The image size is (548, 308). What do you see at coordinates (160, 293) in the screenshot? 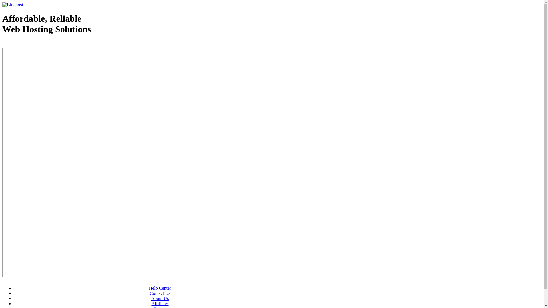
I see `'Contact Us'` at bounding box center [160, 293].